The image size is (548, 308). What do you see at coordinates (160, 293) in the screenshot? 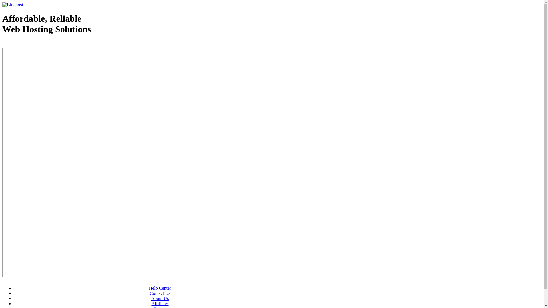
I see `'Contact Us'` at bounding box center [160, 293].